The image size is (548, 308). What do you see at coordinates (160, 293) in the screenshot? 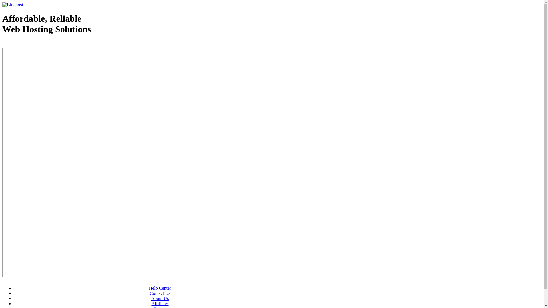
I see `'Contact Us'` at bounding box center [160, 293].